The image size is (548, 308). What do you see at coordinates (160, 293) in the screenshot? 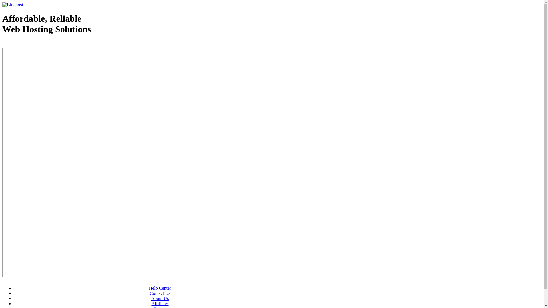
I see `'Contact Us'` at bounding box center [160, 293].